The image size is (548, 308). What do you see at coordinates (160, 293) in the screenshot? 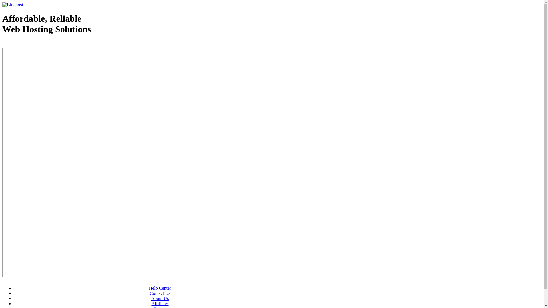
I see `'Contact Us'` at bounding box center [160, 293].